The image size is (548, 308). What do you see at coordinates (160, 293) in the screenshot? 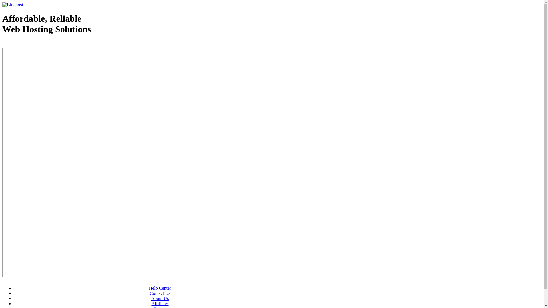
I see `'Contact Us'` at bounding box center [160, 293].